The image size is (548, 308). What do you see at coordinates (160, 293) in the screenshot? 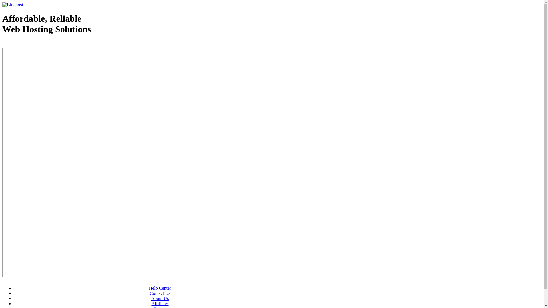
I see `'Contact Us'` at bounding box center [160, 293].